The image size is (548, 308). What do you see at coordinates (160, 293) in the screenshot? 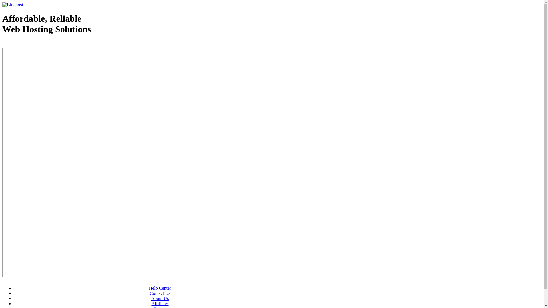
I see `'Contact Us'` at bounding box center [160, 293].